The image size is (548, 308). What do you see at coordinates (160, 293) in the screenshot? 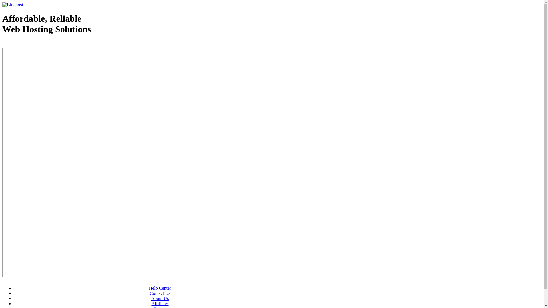
I see `'Contact Us'` at bounding box center [160, 293].